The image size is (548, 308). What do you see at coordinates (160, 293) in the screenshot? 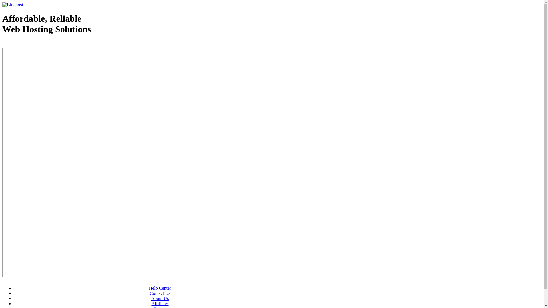
I see `'Contact Us'` at bounding box center [160, 293].